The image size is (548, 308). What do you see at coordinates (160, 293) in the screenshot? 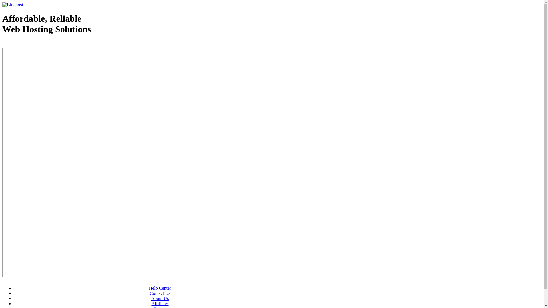
I see `'Contact Us'` at bounding box center [160, 293].